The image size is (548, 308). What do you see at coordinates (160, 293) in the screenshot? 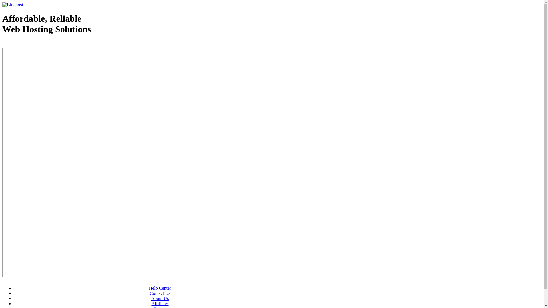
I see `'Contact Us'` at bounding box center [160, 293].